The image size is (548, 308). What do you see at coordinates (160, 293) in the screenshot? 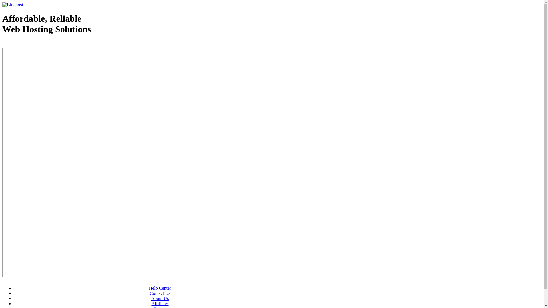
I see `'Contact Us'` at bounding box center [160, 293].